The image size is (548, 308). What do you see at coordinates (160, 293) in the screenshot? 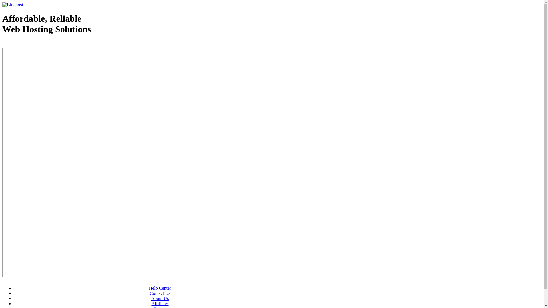
I see `'Contact Us'` at bounding box center [160, 293].